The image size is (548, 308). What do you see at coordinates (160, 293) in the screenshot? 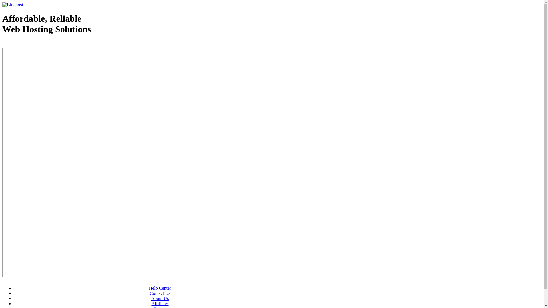
I see `'Contact Us'` at bounding box center [160, 293].